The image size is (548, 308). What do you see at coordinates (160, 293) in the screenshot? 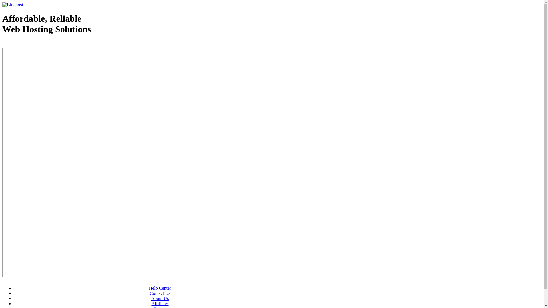
I see `'Contact Us'` at bounding box center [160, 293].